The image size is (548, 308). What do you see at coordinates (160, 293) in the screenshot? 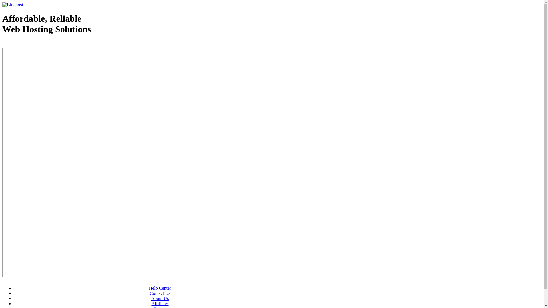
I see `'Contact Us'` at bounding box center [160, 293].